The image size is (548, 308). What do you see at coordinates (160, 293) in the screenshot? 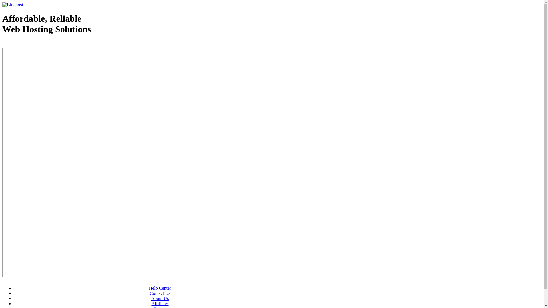
I see `'Contact Us'` at bounding box center [160, 293].